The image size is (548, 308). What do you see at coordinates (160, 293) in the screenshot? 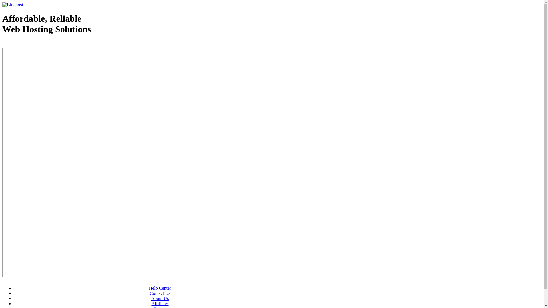
I see `'Contact Us'` at bounding box center [160, 293].